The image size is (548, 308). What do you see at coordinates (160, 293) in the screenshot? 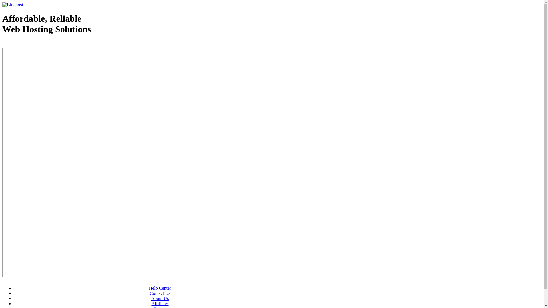
I see `'Contact Us'` at bounding box center [160, 293].